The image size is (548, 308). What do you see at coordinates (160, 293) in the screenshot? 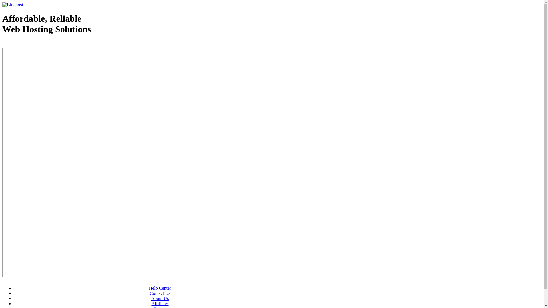
I see `'Contact Us'` at bounding box center [160, 293].